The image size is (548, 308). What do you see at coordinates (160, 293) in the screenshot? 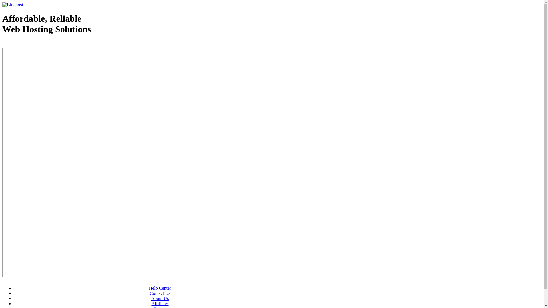
I see `'Contact Us'` at bounding box center [160, 293].